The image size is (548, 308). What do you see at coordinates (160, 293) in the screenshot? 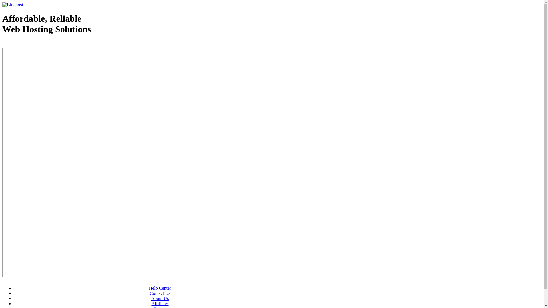
I see `'Contact Us'` at bounding box center [160, 293].